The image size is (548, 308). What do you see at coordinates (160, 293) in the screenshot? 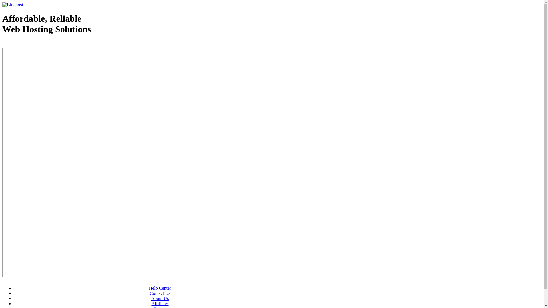
I see `'Contact Us'` at bounding box center [160, 293].